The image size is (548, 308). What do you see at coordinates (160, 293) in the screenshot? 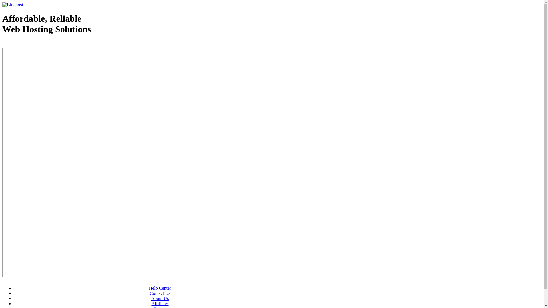
I see `'Contact Us'` at bounding box center [160, 293].